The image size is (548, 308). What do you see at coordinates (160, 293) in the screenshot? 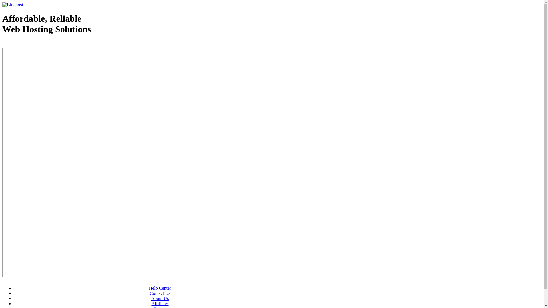
I see `'Contact Us'` at bounding box center [160, 293].